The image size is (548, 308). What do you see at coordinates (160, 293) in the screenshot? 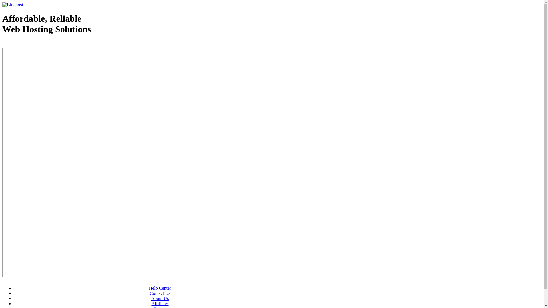
I see `'Contact Us'` at bounding box center [160, 293].